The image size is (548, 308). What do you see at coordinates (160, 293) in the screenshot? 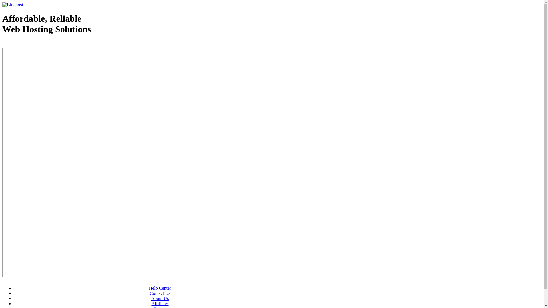
I see `'Contact Us'` at bounding box center [160, 293].